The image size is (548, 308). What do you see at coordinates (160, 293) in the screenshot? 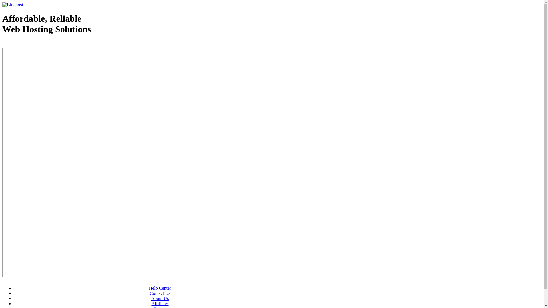
I see `'Contact Us'` at bounding box center [160, 293].